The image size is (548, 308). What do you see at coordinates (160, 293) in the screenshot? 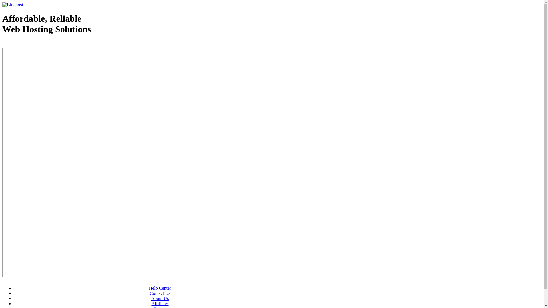
I see `'Contact Us'` at bounding box center [160, 293].